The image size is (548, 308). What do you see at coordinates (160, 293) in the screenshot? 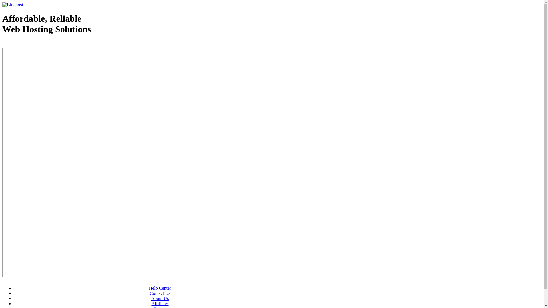
I see `'Contact Us'` at bounding box center [160, 293].